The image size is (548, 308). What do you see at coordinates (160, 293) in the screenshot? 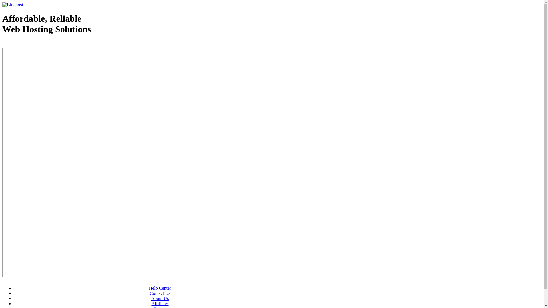
I see `'Contact Us'` at bounding box center [160, 293].